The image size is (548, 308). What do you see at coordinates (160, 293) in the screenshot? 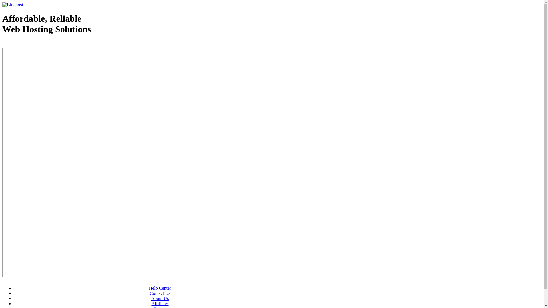
I see `'Contact Us'` at bounding box center [160, 293].